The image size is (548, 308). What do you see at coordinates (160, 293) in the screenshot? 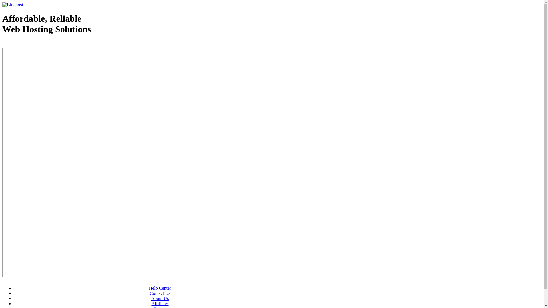
I see `'Contact Us'` at bounding box center [160, 293].